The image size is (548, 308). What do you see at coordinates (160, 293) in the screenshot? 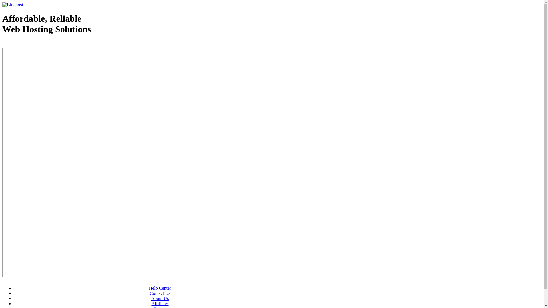
I see `'Contact Us'` at bounding box center [160, 293].